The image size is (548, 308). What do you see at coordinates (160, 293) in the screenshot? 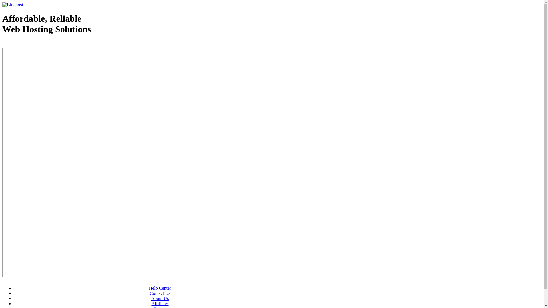
I see `'Contact Us'` at bounding box center [160, 293].